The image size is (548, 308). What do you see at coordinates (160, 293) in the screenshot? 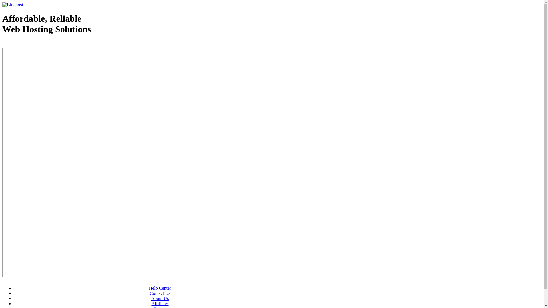
I see `'Contact Us'` at bounding box center [160, 293].